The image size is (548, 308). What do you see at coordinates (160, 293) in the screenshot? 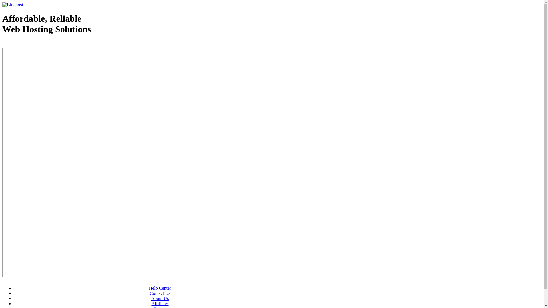
I see `'Contact Us'` at bounding box center [160, 293].